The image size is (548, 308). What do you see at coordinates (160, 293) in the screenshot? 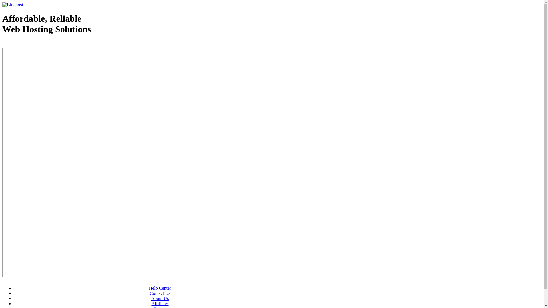
I see `'Contact Us'` at bounding box center [160, 293].